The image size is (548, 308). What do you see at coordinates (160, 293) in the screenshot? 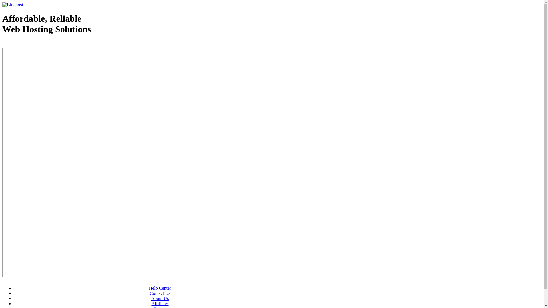
I see `'Contact Us'` at bounding box center [160, 293].